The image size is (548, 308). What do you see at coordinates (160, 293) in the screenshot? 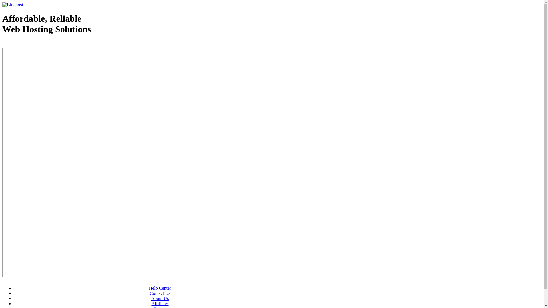
I see `'Contact Us'` at bounding box center [160, 293].